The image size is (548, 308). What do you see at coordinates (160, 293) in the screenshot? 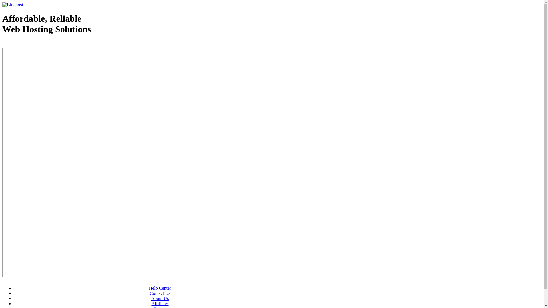
I see `'Contact Us'` at bounding box center [160, 293].